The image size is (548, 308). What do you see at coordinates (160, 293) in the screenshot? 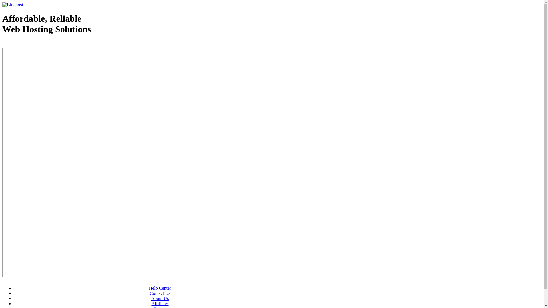
I see `'Contact Us'` at bounding box center [160, 293].